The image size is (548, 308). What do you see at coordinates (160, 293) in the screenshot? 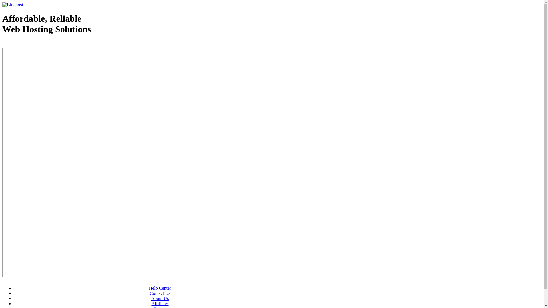
I see `'Contact Us'` at bounding box center [160, 293].